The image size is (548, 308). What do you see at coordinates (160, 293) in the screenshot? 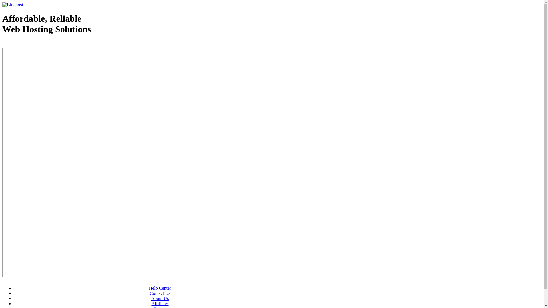
I see `'Contact Us'` at bounding box center [160, 293].